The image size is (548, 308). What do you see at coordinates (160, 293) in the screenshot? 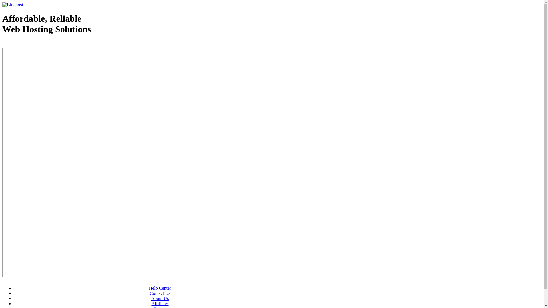
I see `'Contact Us'` at bounding box center [160, 293].